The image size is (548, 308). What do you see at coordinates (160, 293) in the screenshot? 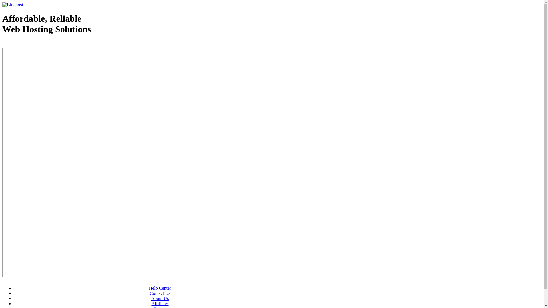
I see `'Contact Us'` at bounding box center [160, 293].